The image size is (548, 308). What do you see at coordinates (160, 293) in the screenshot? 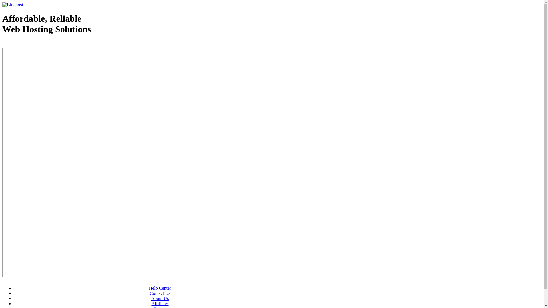
I see `'Contact Us'` at bounding box center [160, 293].